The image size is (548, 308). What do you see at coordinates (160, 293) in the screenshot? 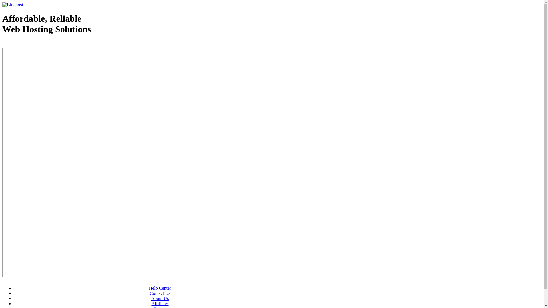
I see `'Contact Us'` at bounding box center [160, 293].